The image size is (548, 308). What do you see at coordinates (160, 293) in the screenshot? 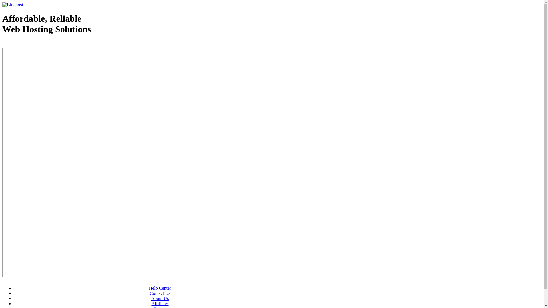
I see `'Contact Us'` at bounding box center [160, 293].